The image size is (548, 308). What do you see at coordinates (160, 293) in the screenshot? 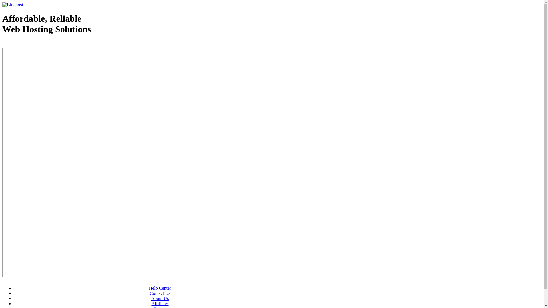
I see `'Contact Us'` at bounding box center [160, 293].